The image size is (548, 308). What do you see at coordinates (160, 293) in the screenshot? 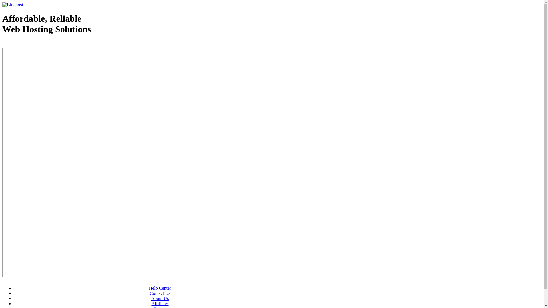
I see `'Contact Us'` at bounding box center [160, 293].